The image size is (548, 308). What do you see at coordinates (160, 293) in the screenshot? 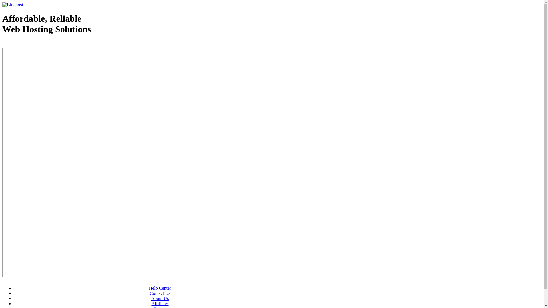
I see `'Contact Us'` at bounding box center [160, 293].